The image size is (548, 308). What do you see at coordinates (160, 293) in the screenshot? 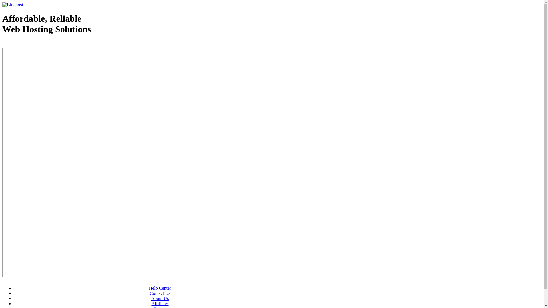
I see `'Contact Us'` at bounding box center [160, 293].